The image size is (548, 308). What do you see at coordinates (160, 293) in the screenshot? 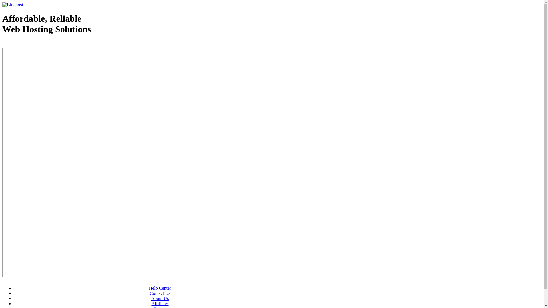
I see `'Contact Us'` at bounding box center [160, 293].